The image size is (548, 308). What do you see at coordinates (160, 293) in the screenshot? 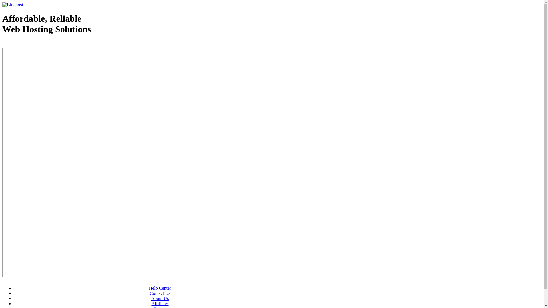
I see `'Contact Us'` at bounding box center [160, 293].